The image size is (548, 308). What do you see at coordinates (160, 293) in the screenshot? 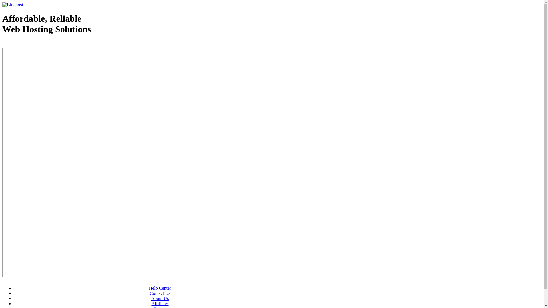
I see `'Contact Us'` at bounding box center [160, 293].